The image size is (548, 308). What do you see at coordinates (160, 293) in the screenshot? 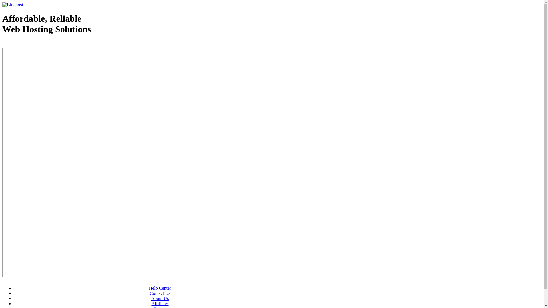
I see `'Contact Us'` at bounding box center [160, 293].